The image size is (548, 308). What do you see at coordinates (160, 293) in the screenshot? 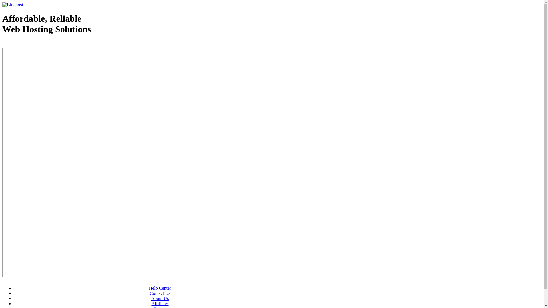
I see `'Contact Us'` at bounding box center [160, 293].